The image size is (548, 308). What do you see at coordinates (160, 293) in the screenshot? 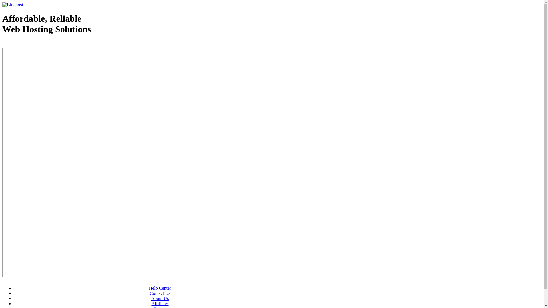
I see `'Contact Us'` at bounding box center [160, 293].